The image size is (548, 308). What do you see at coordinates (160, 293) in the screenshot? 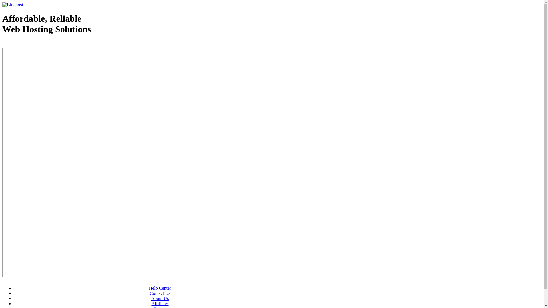
I see `'Contact Us'` at bounding box center [160, 293].